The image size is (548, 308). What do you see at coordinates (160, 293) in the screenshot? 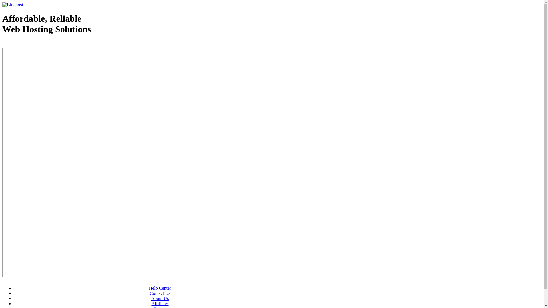
I see `'Contact Us'` at bounding box center [160, 293].